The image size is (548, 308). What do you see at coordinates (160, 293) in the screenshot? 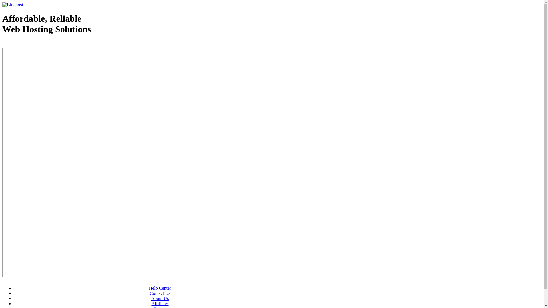
I see `'Contact Us'` at bounding box center [160, 293].